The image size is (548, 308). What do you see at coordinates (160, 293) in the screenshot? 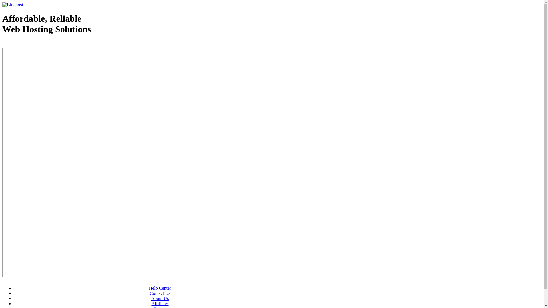
I see `'Contact Us'` at bounding box center [160, 293].